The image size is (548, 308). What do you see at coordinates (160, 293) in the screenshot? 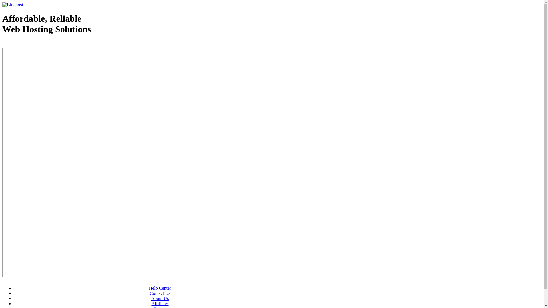
I see `'Contact Us'` at bounding box center [160, 293].